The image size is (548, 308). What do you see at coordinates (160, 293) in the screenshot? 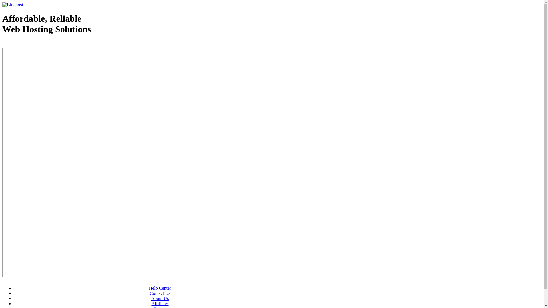
I see `'Contact Us'` at bounding box center [160, 293].